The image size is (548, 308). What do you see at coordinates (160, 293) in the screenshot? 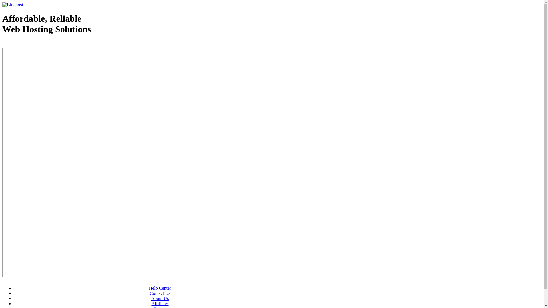
I see `'Contact Us'` at bounding box center [160, 293].